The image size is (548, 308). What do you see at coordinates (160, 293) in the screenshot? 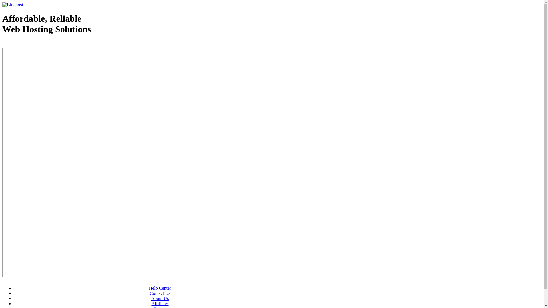
I see `'Contact Us'` at bounding box center [160, 293].